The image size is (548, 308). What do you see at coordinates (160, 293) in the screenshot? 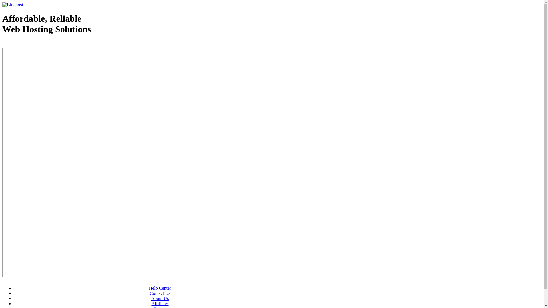
I see `'Contact Us'` at bounding box center [160, 293].